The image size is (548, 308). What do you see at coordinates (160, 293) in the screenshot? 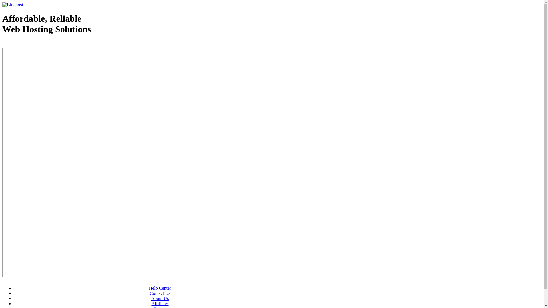
I see `'Contact Us'` at bounding box center [160, 293].